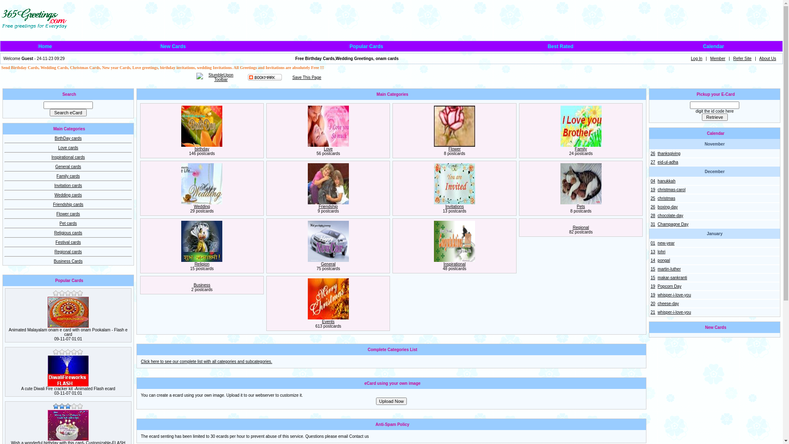  I want to click on 'Calendar', so click(713, 46).